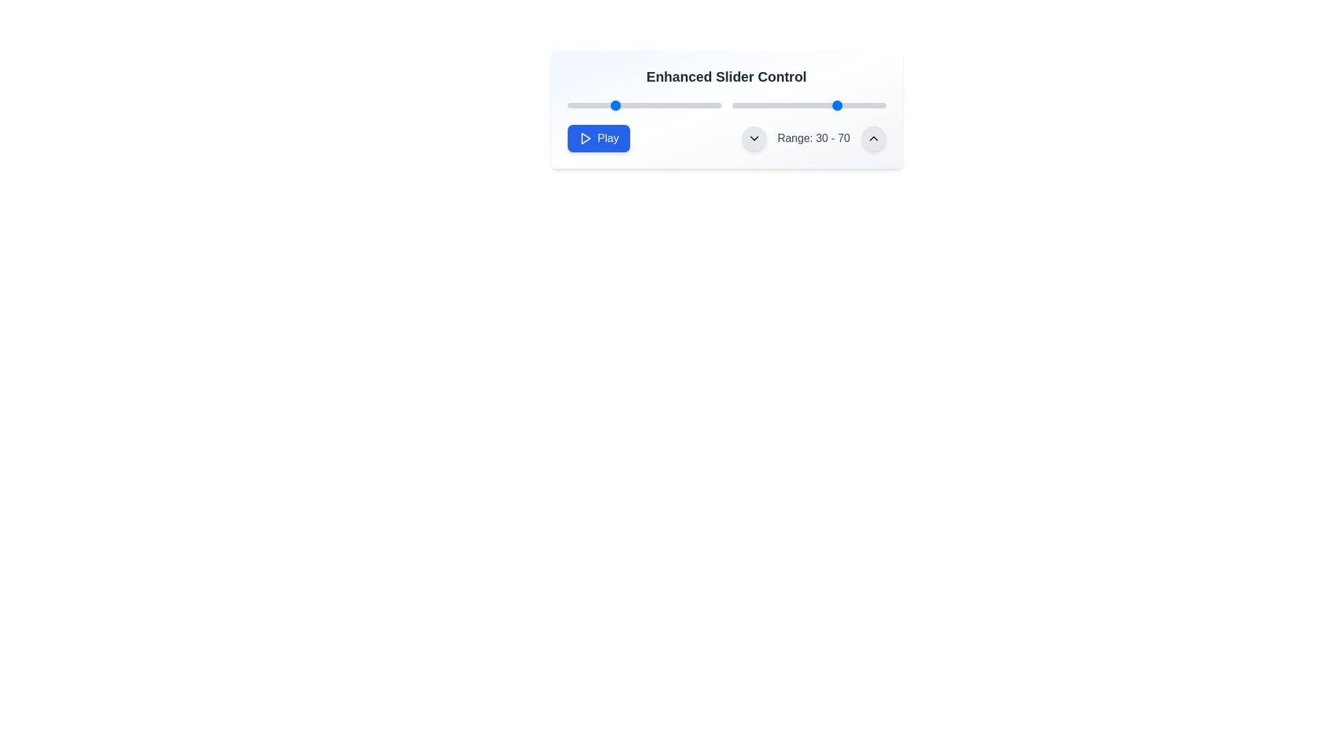 The image size is (1318, 741). Describe the element at coordinates (689, 105) in the screenshot. I see `the slider` at that location.